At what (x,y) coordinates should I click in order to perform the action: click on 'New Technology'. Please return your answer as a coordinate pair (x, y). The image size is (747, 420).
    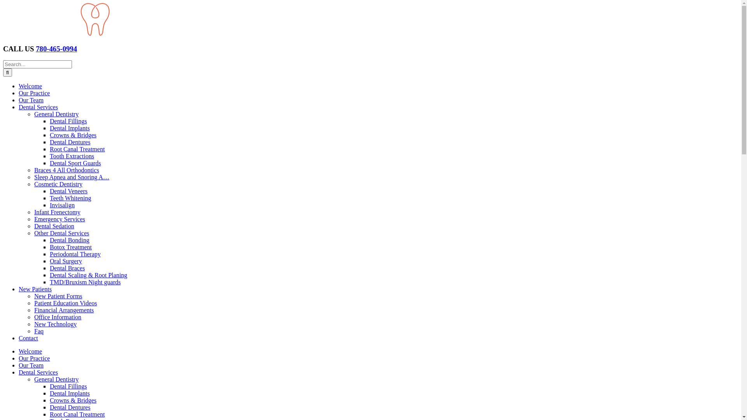
    Looking at the image, I should click on (55, 324).